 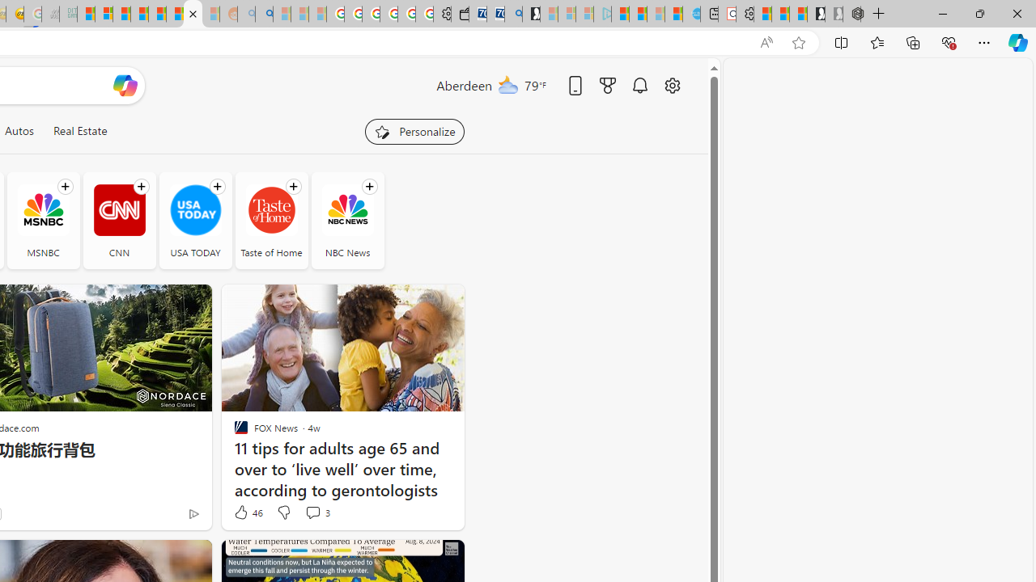 What do you see at coordinates (512, 14) in the screenshot?
I see `'Bing Real Estate - Home sales and rental listings'` at bounding box center [512, 14].